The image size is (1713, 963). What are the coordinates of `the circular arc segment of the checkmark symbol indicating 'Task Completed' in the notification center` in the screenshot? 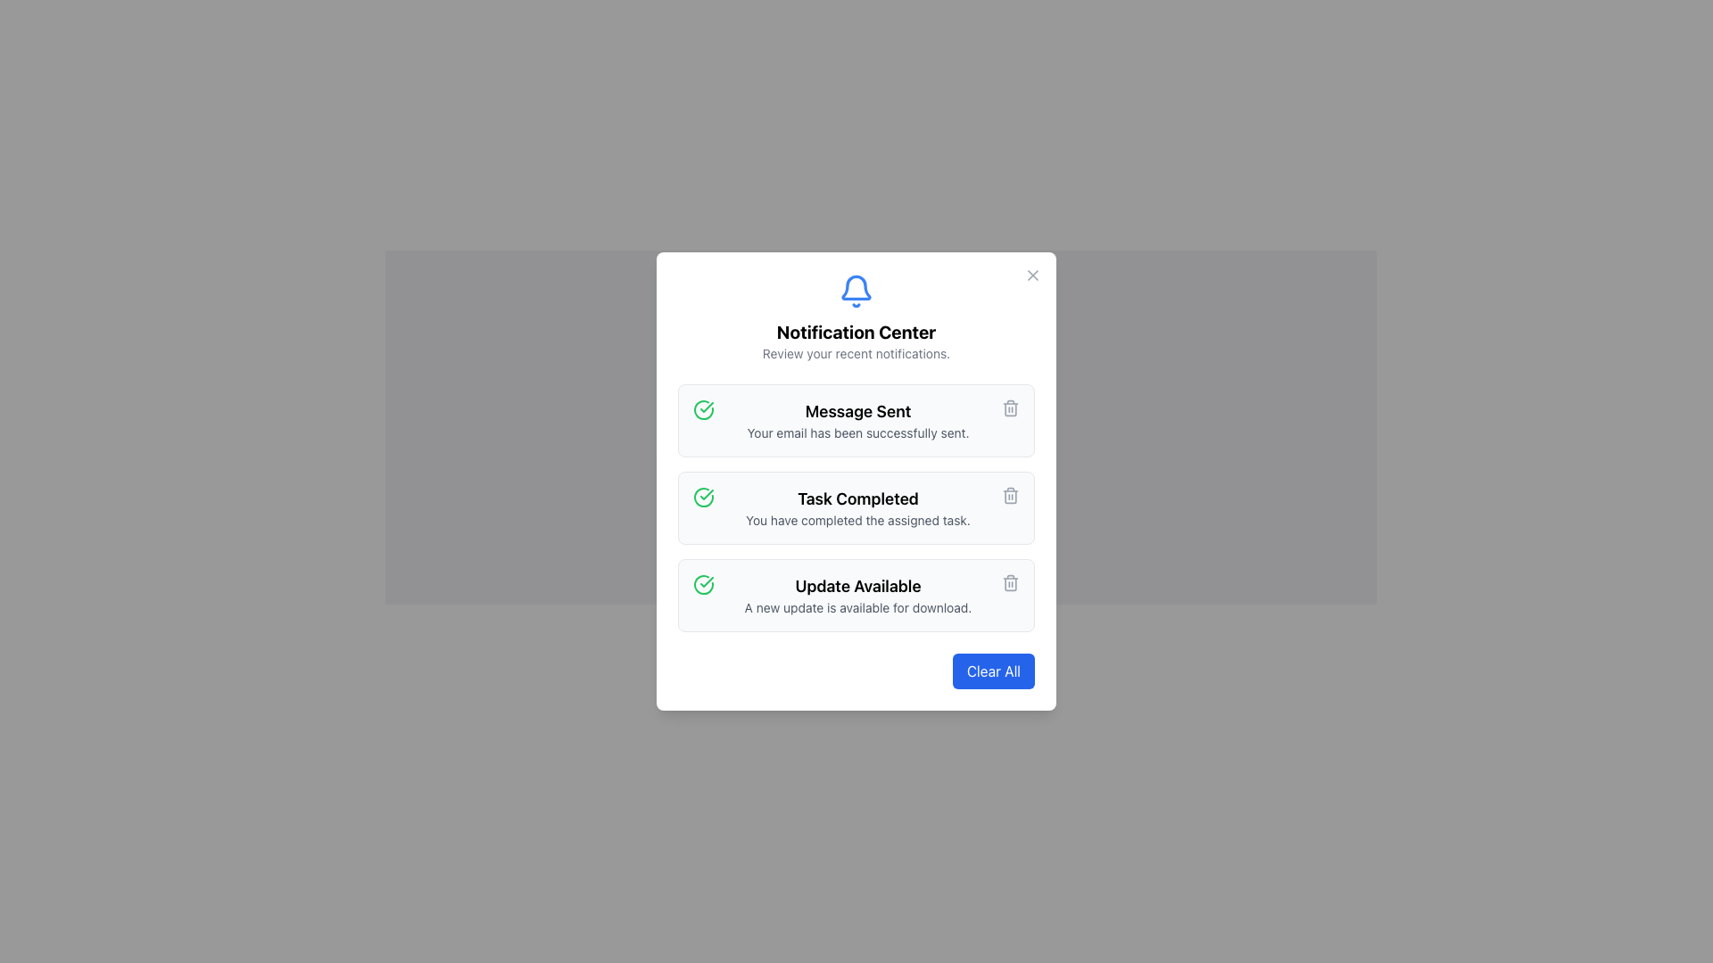 It's located at (702, 409).